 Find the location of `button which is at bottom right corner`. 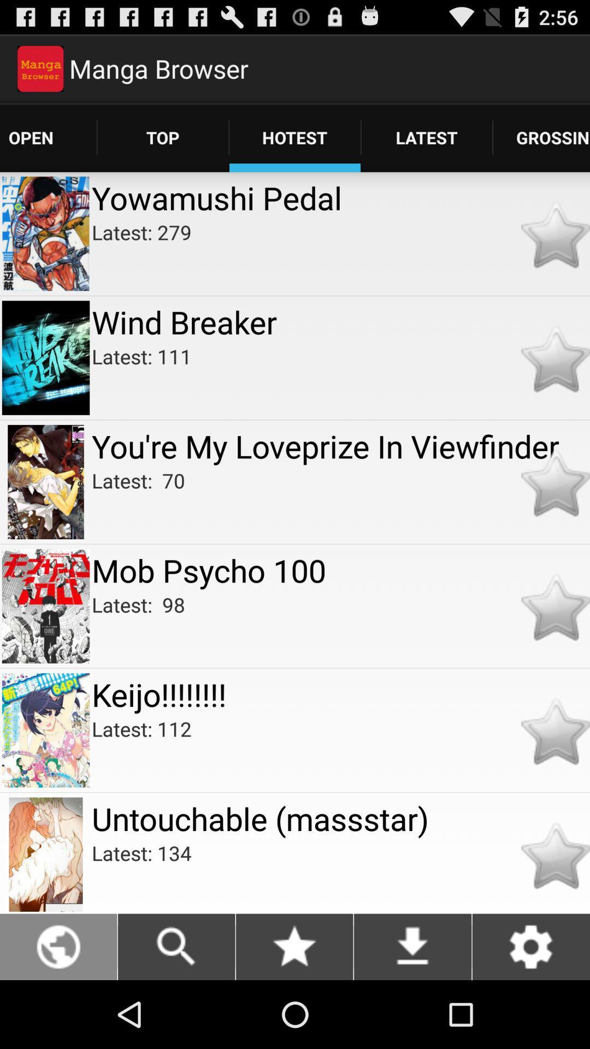

button which is at bottom right corner is located at coordinates (530, 946).